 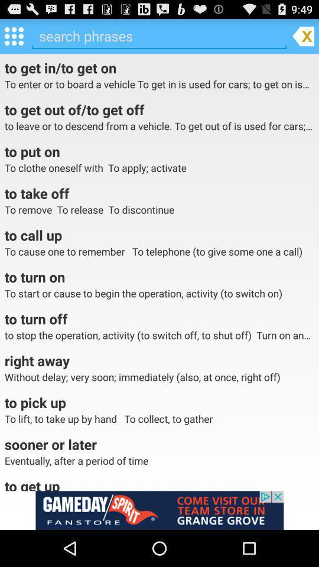 I want to click on more options, so click(x=13, y=35).